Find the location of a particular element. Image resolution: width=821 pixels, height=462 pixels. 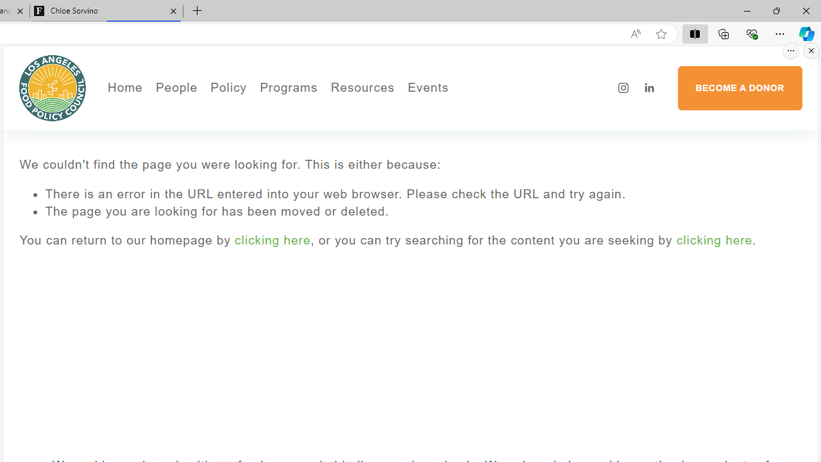

'Chloe Sorvino' is located at coordinates (106, 11).